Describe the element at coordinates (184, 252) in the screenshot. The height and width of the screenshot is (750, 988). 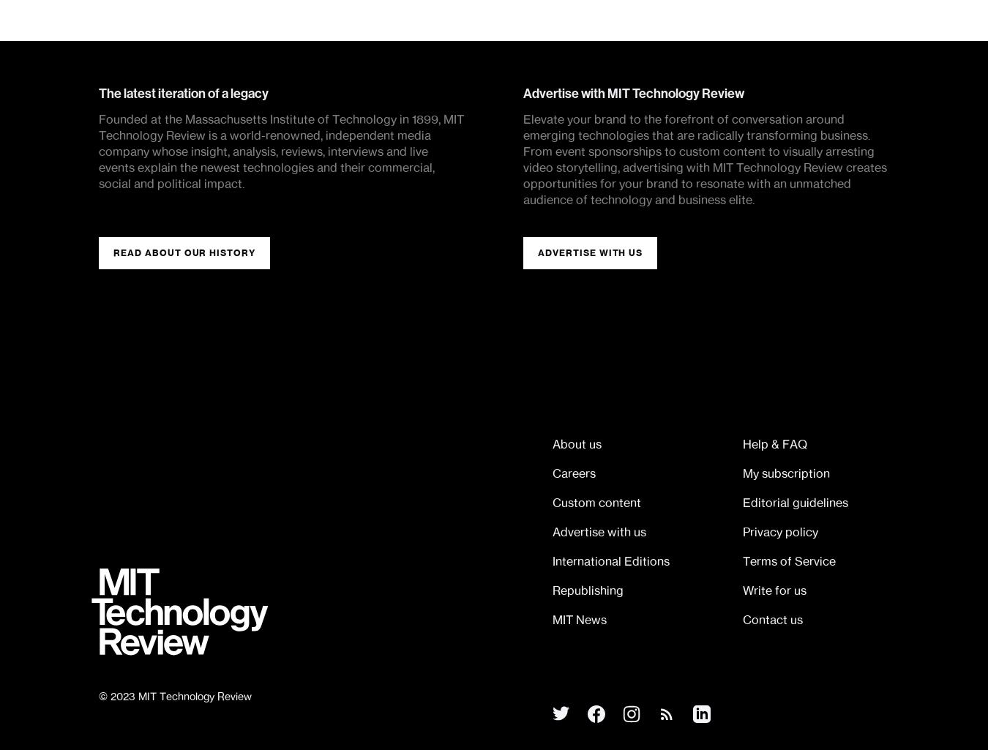
I see `'READ ABOUT OUR HISTORY'` at that location.